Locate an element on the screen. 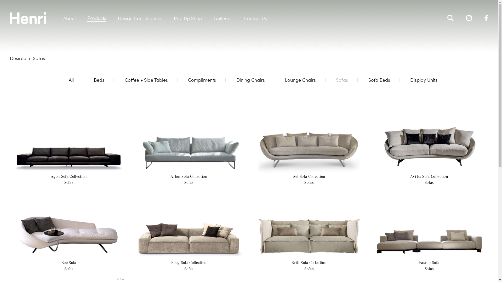  'Dining Chairs' is located at coordinates (250, 80).